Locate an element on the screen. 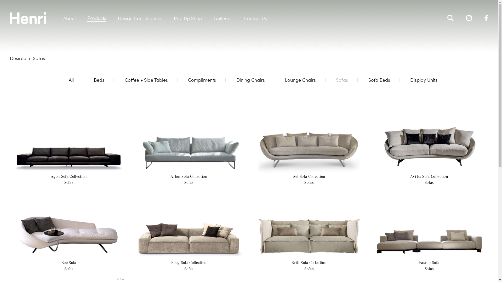  'Dining Chairs' is located at coordinates (250, 80).